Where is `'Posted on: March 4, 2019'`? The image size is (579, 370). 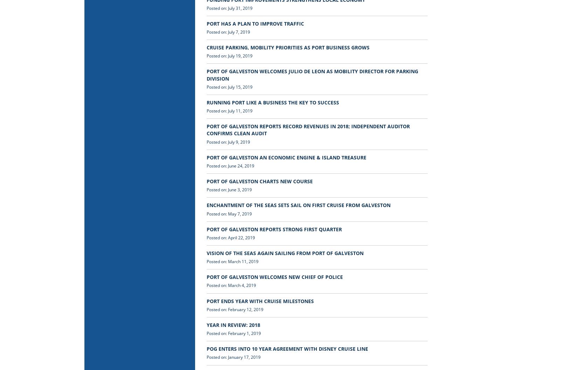
'Posted on: March 4, 2019' is located at coordinates (231, 285).